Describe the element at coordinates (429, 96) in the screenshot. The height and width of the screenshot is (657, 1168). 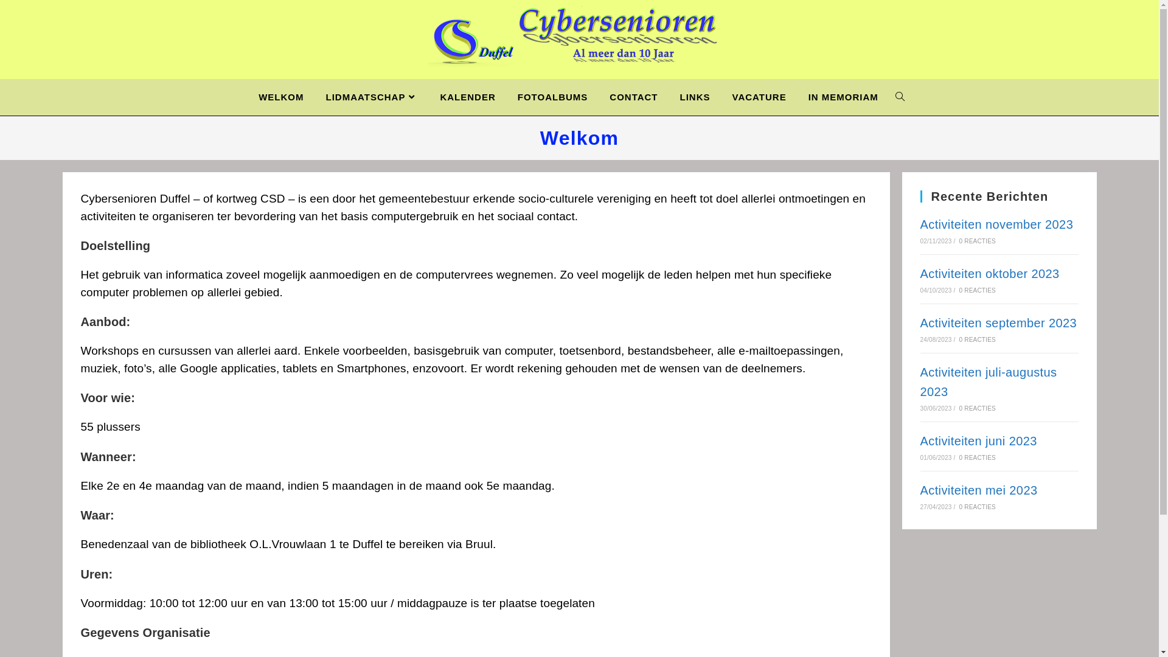
I see `'KALENDER'` at that location.